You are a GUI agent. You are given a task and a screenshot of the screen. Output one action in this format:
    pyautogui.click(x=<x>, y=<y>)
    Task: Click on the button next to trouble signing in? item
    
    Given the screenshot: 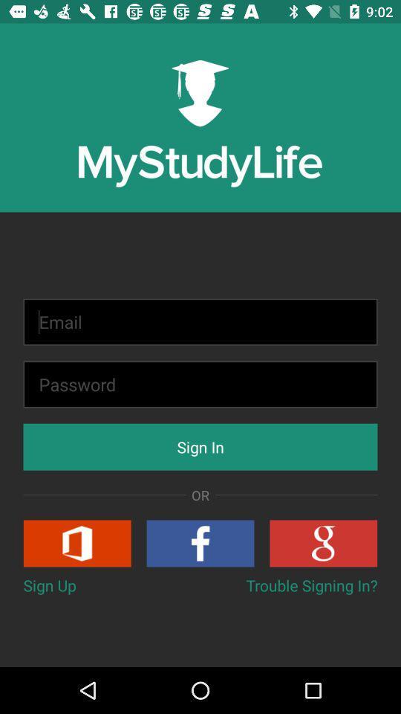 What is the action you would take?
    pyautogui.click(x=50, y=585)
    